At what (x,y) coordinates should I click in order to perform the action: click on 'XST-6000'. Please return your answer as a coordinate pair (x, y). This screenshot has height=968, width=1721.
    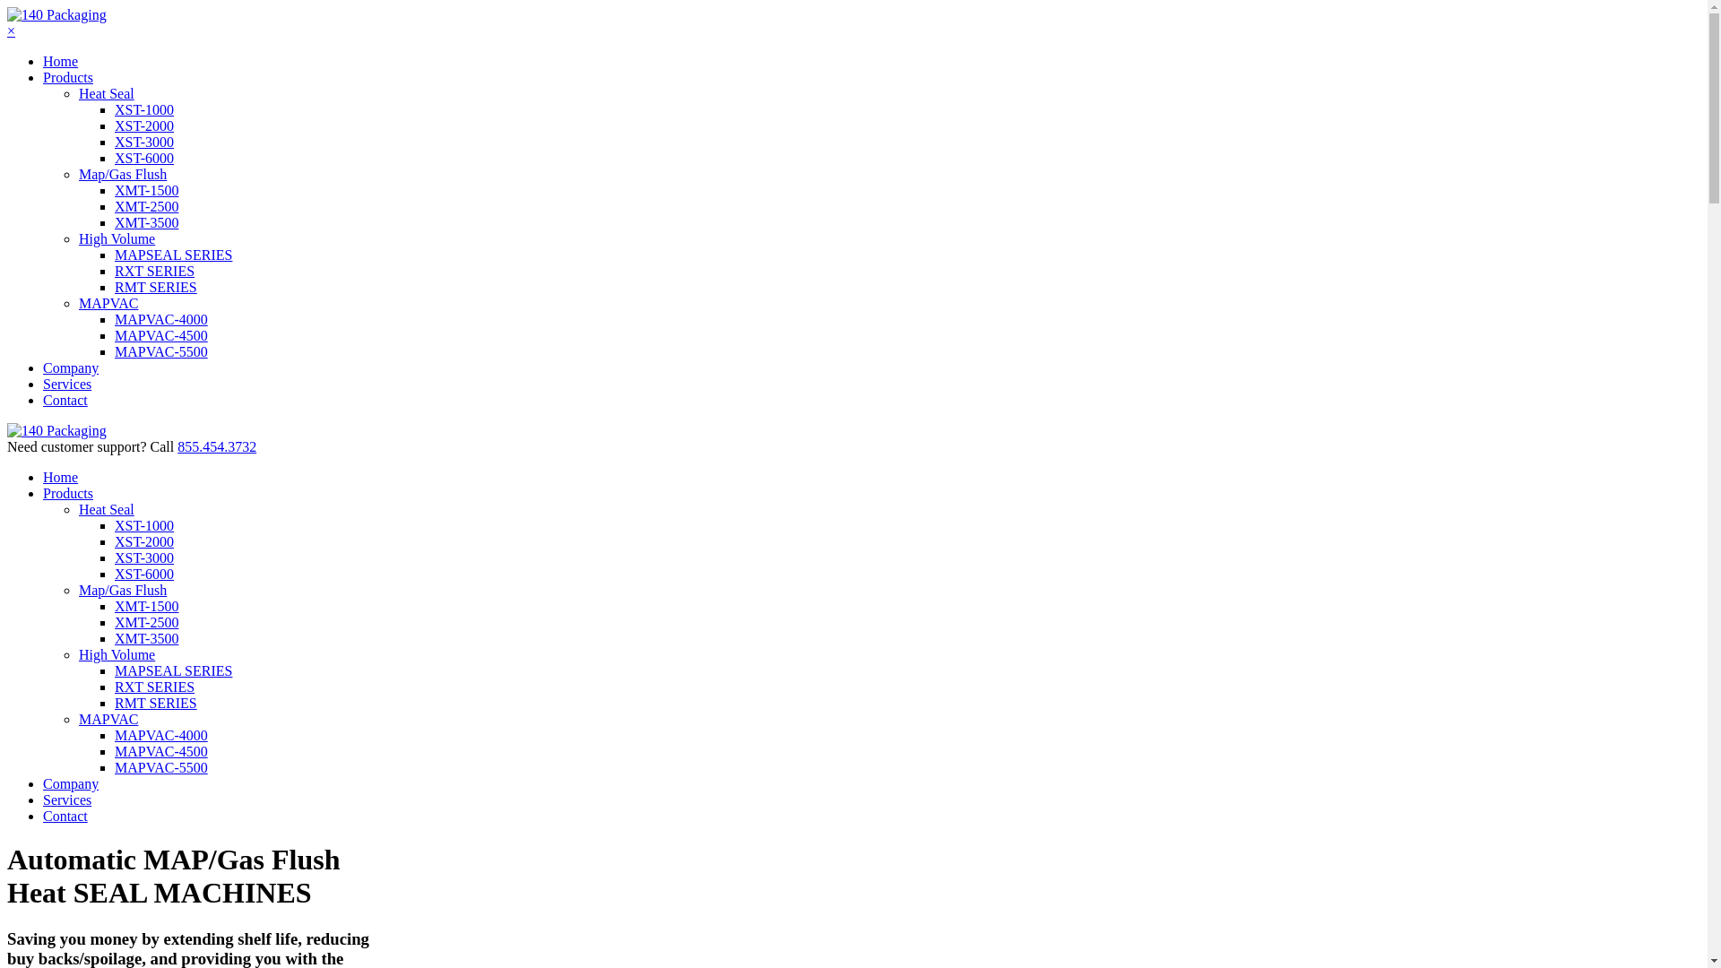
    Looking at the image, I should click on (114, 574).